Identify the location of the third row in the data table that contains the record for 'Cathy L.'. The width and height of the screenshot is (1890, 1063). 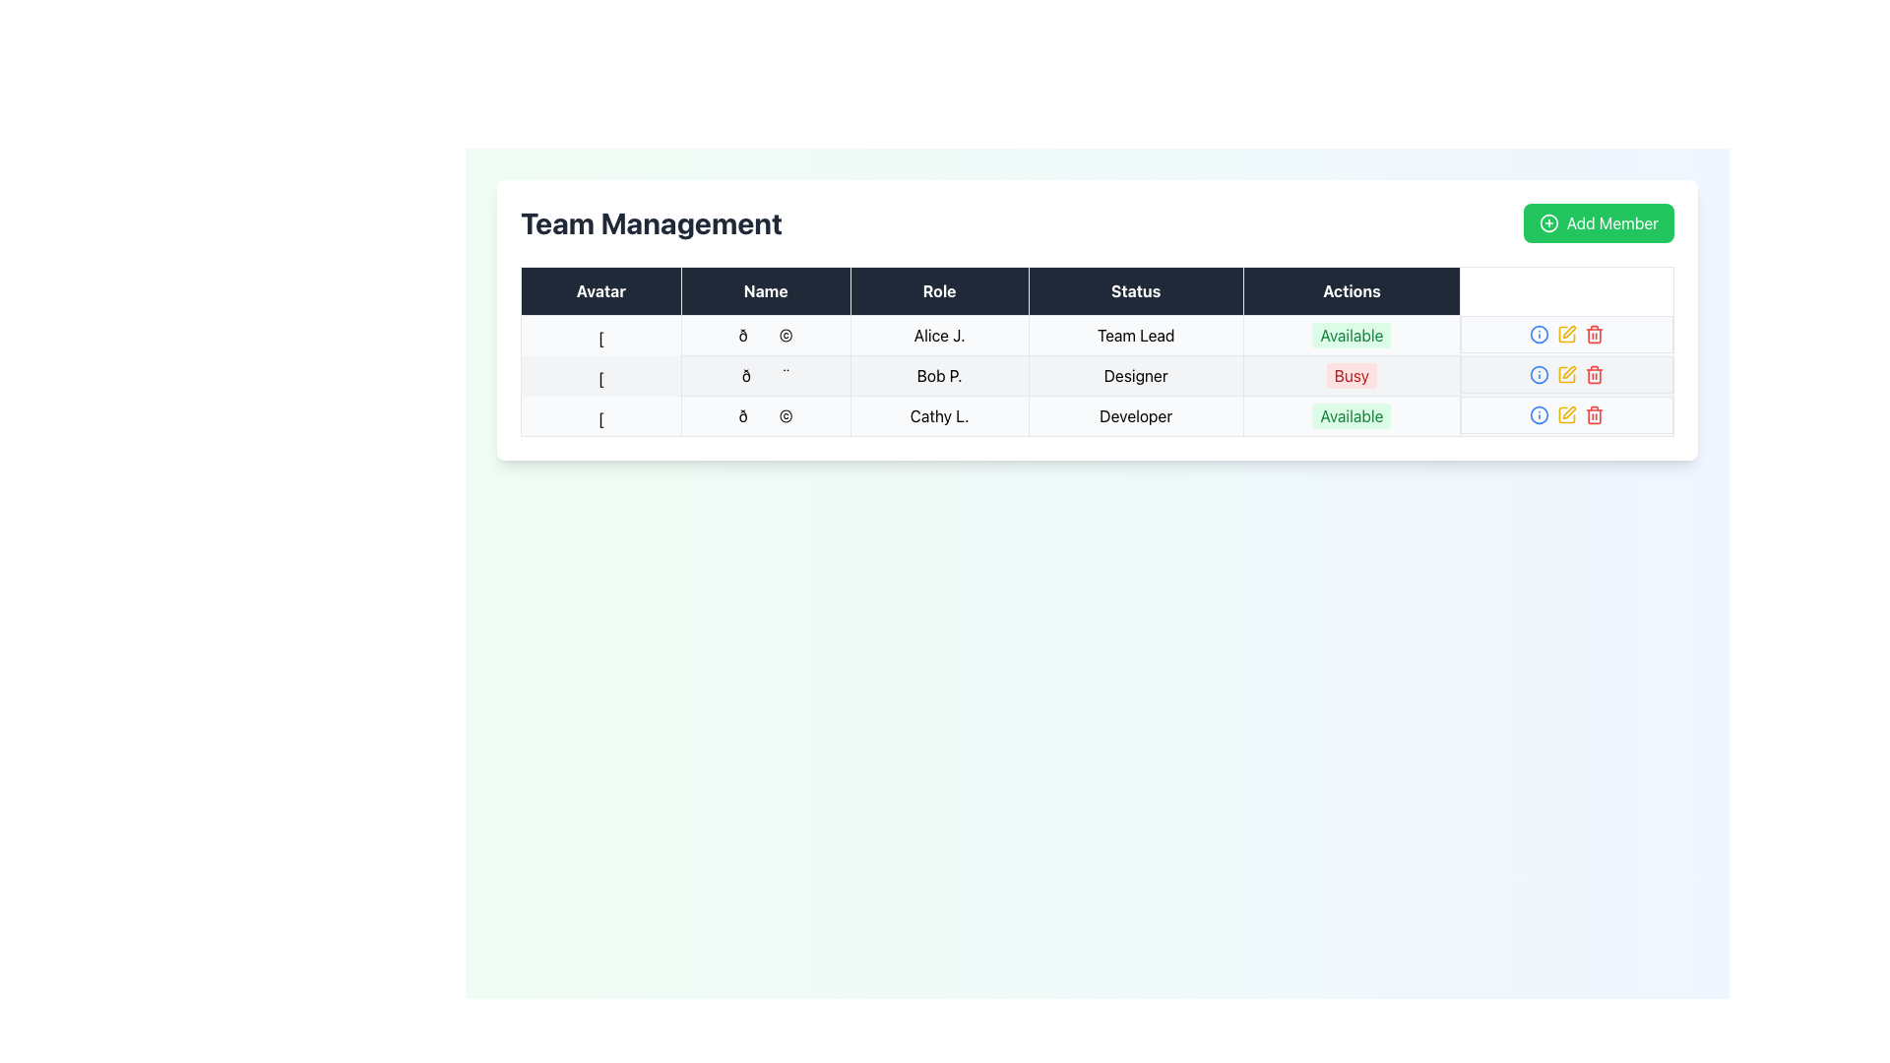
(1096, 415).